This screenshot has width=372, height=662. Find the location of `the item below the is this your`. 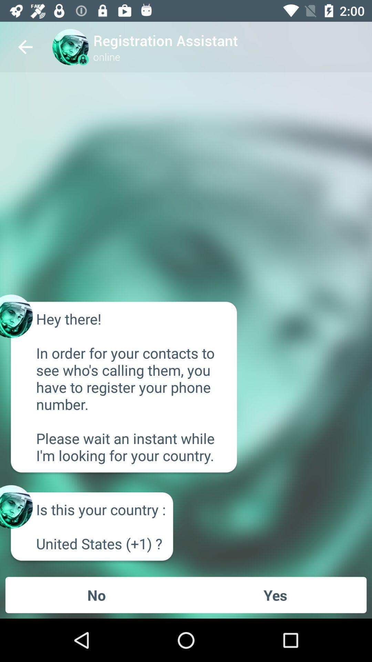

the item below the is this your is located at coordinates (96, 594).